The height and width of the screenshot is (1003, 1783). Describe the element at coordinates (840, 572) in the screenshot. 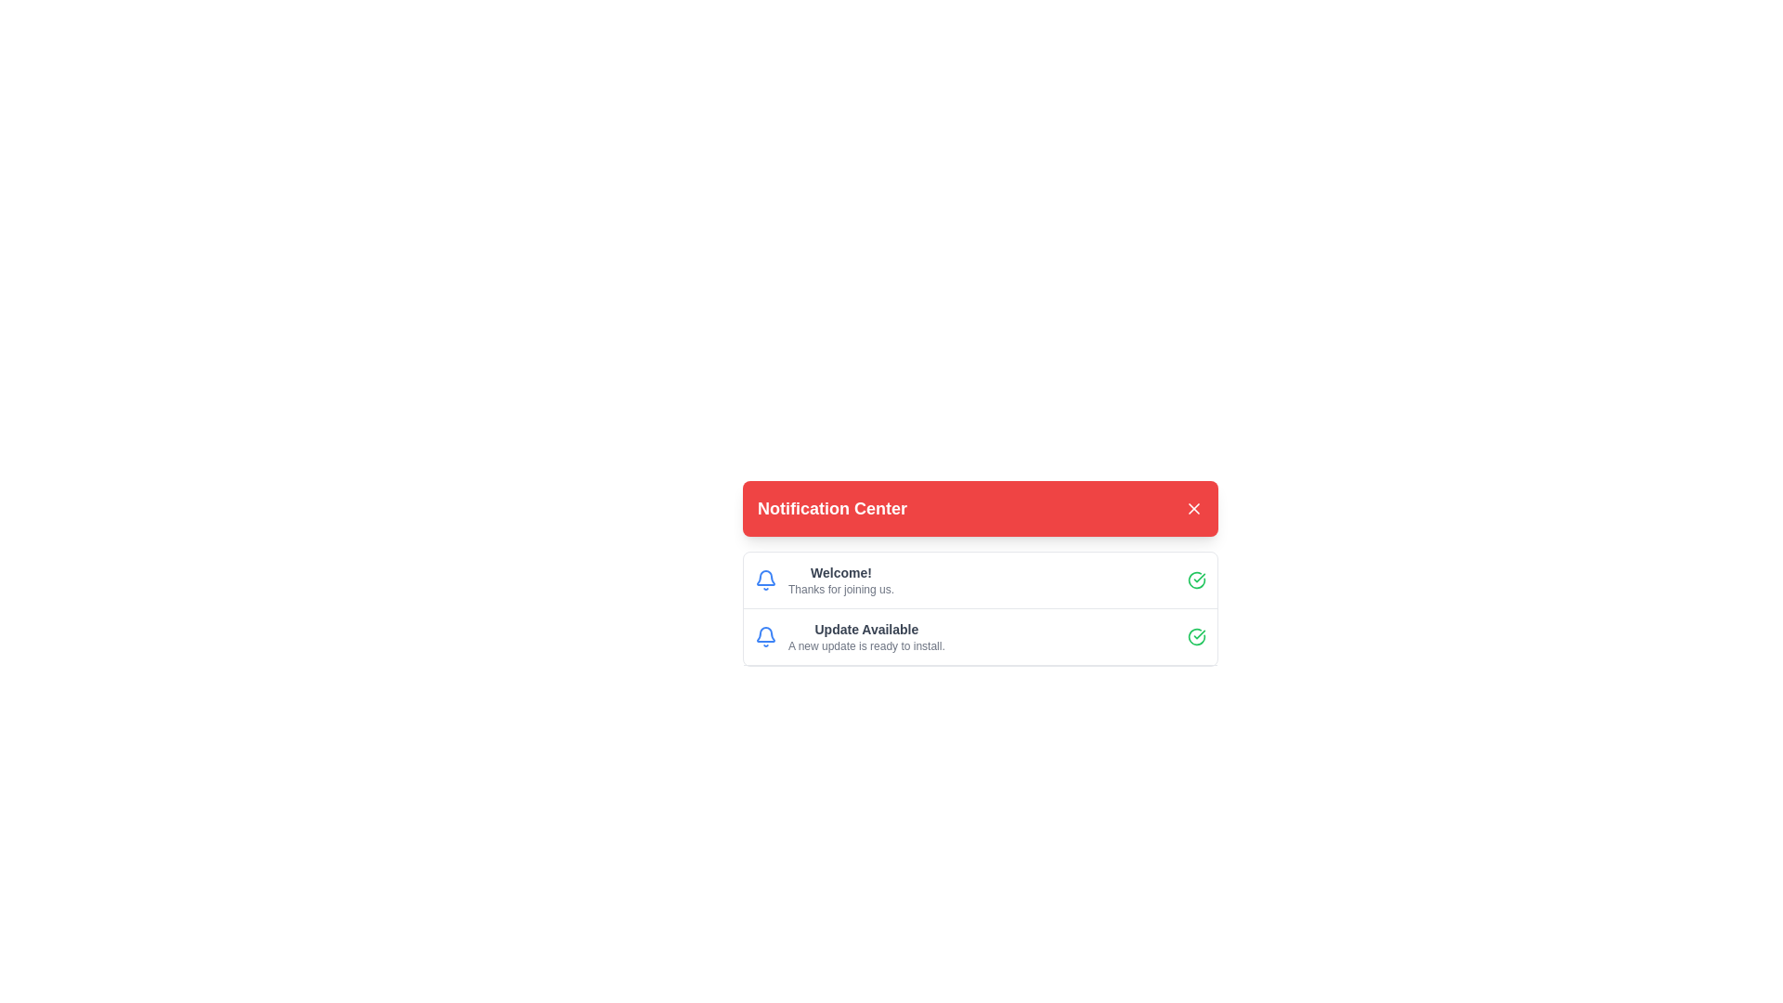

I see `welcome message text displayed in the Notification Center, which indicates successful registration and is located above the text 'Thanks for joining us.'` at that location.